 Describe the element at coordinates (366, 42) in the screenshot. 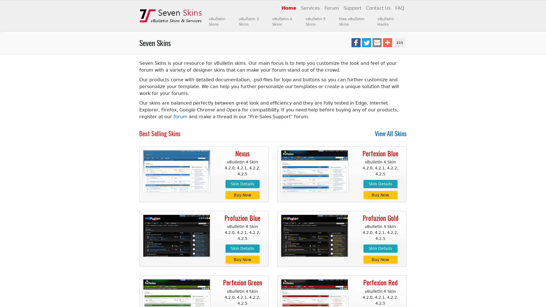

I see `Share to Twitter` at that location.